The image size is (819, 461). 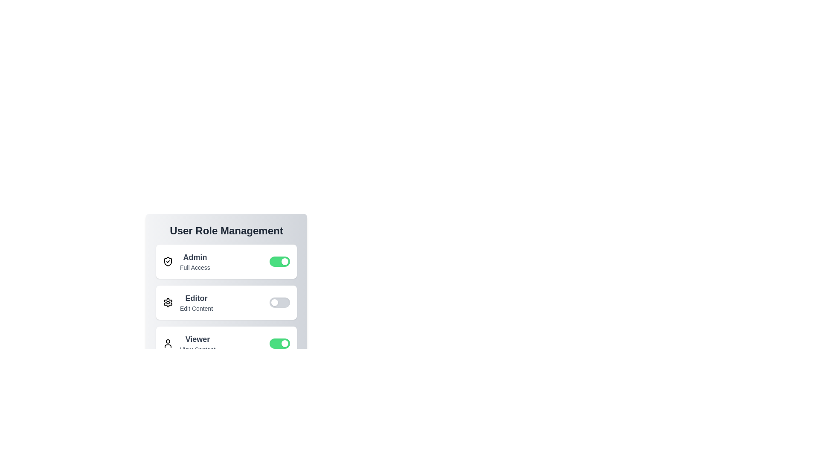 I want to click on the role container for Editor to focus on it, so click(x=227, y=302).